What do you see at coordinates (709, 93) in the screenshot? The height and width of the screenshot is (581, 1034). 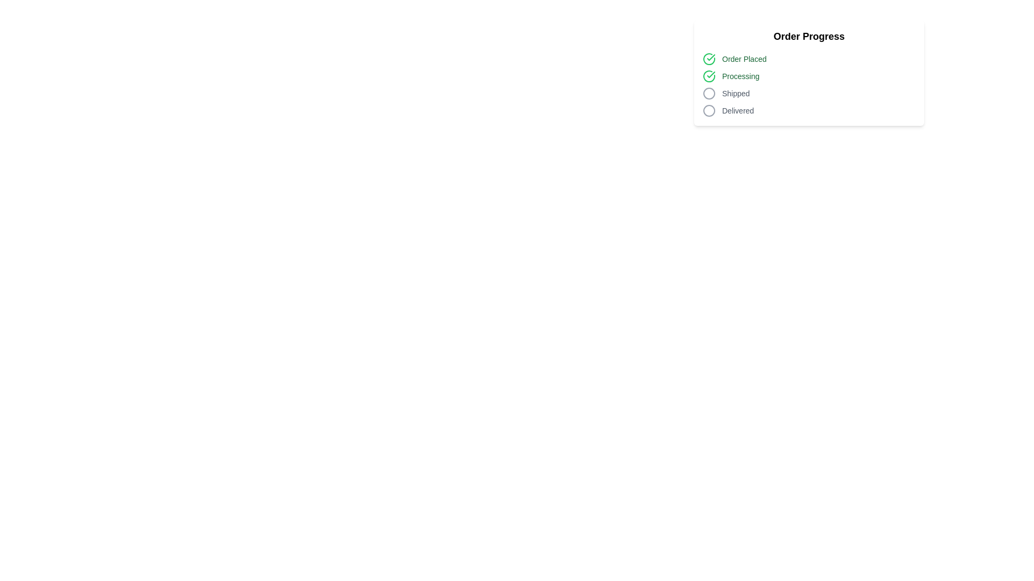 I see `the 'Shipped' status icon located in the 'Order Progress' section, which is the third status icon in the vertical list of order statuses` at bounding box center [709, 93].